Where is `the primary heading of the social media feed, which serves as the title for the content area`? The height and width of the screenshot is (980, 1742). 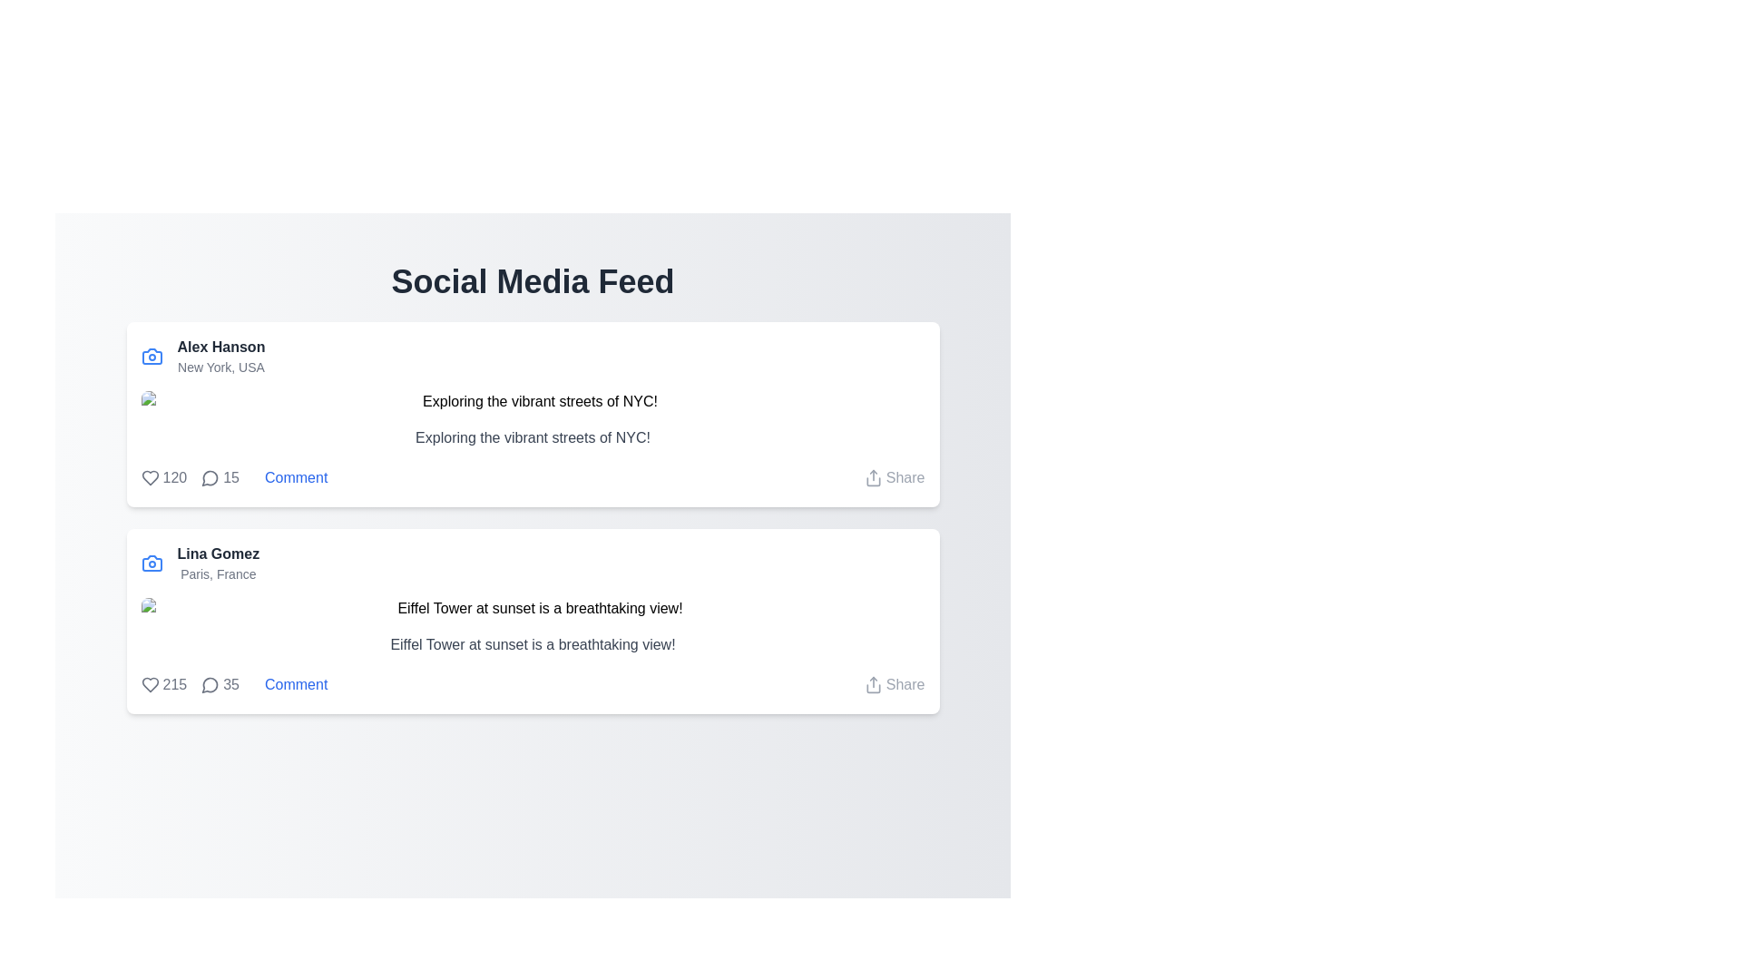
the primary heading of the social media feed, which serves as the title for the content area is located at coordinates (532, 282).